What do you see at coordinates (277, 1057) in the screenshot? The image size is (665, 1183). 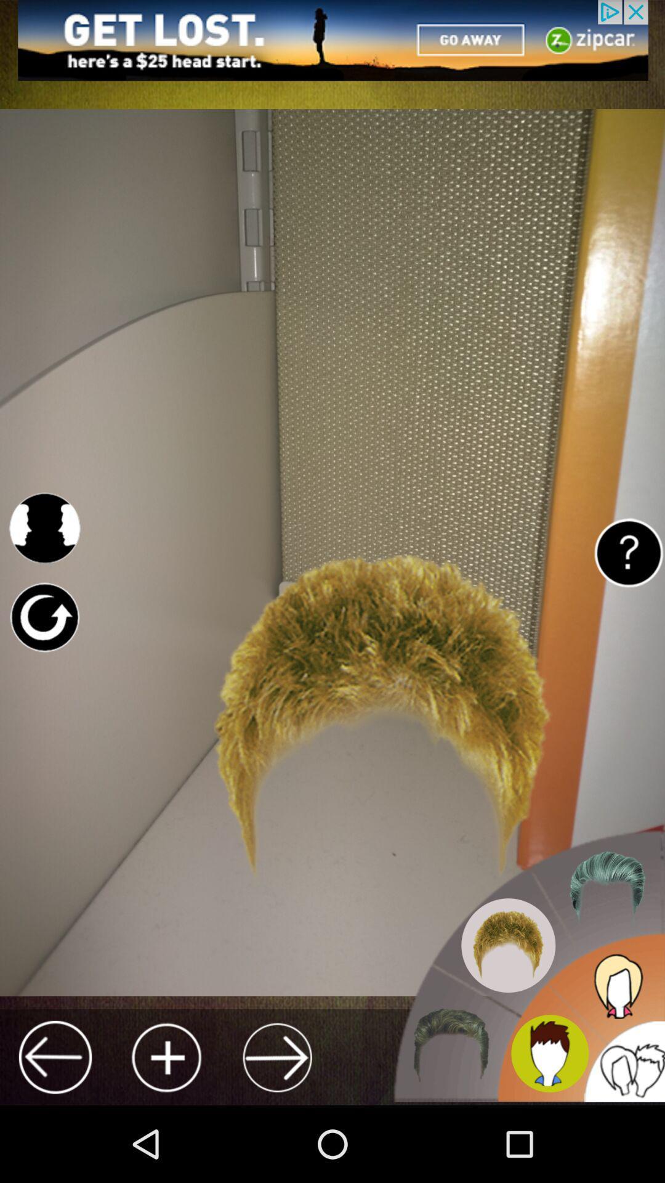 I see `next page` at bounding box center [277, 1057].